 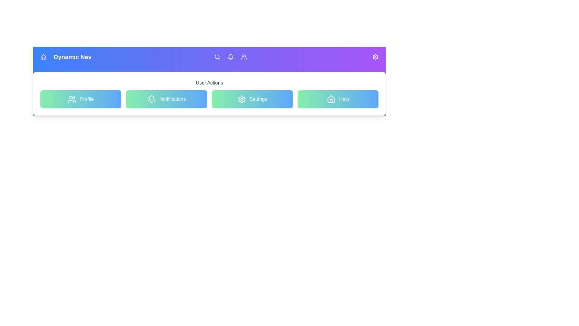 What do you see at coordinates (230, 57) in the screenshot?
I see `the icon Bell to see its hover effect` at bounding box center [230, 57].